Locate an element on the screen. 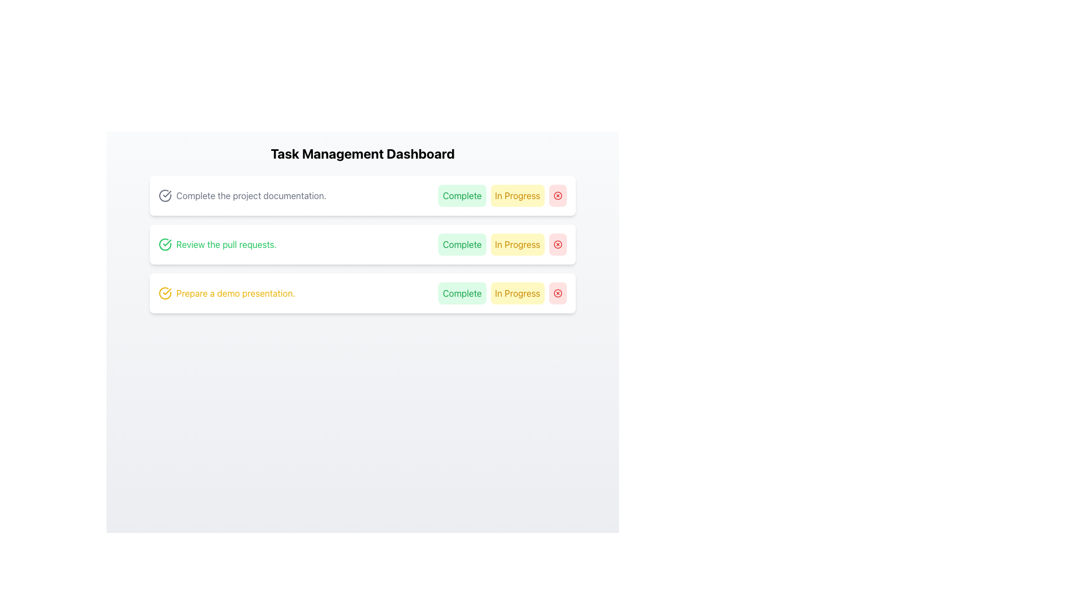 Image resolution: width=1065 pixels, height=599 pixels. the static text element that says 'Review the pull requests.' with a green checkmark icon, which is the second item in a list on a white card background is located at coordinates (217, 243).